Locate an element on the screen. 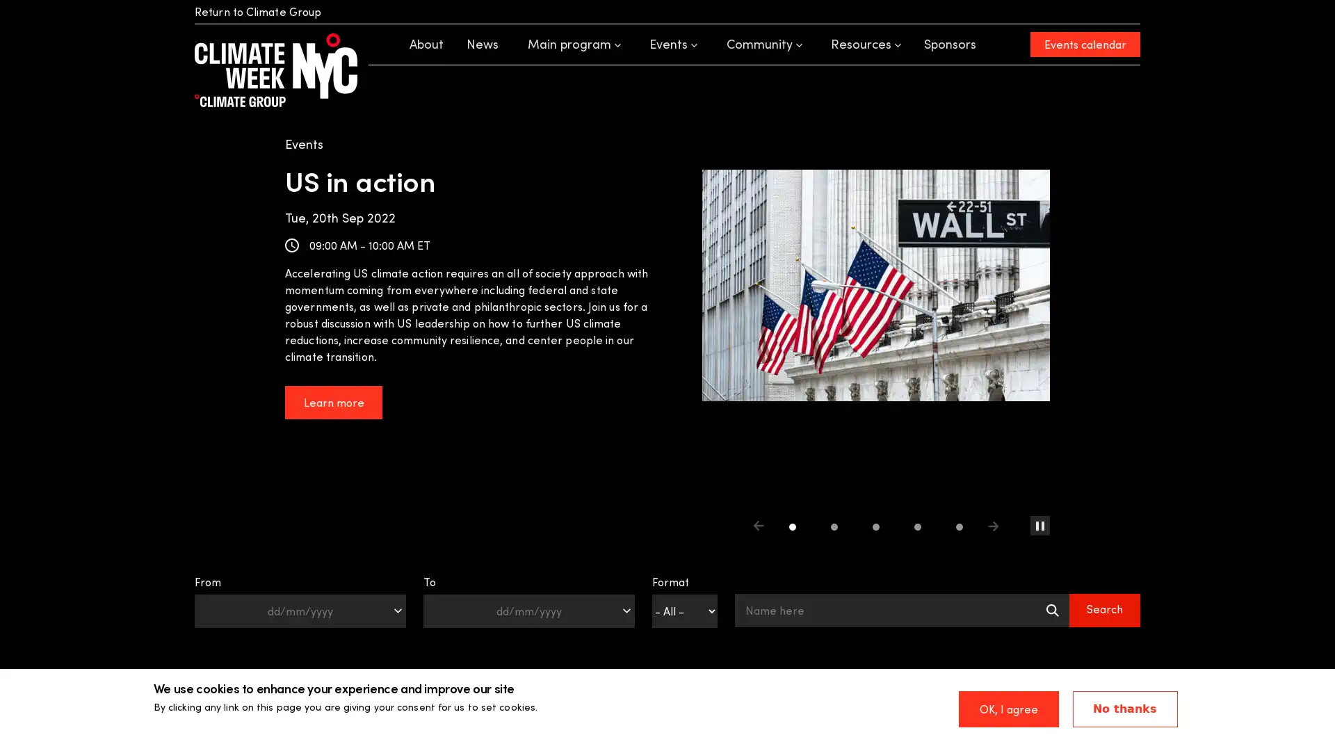 This screenshot has width=1335, height=751. Pause is located at coordinates (1040, 526).